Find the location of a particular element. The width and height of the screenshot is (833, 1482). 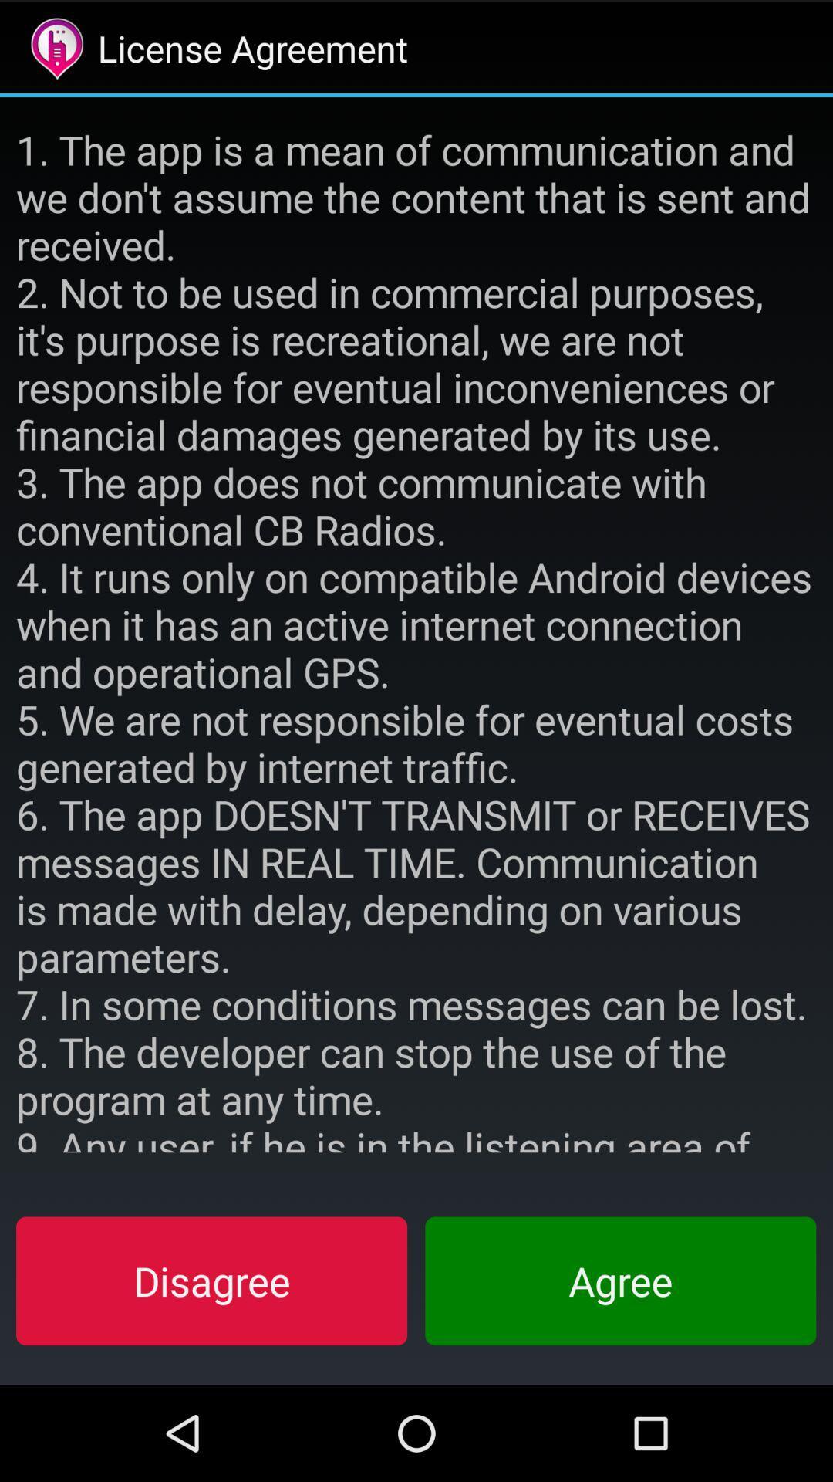

item at the bottom left corner is located at coordinates (211, 1281).